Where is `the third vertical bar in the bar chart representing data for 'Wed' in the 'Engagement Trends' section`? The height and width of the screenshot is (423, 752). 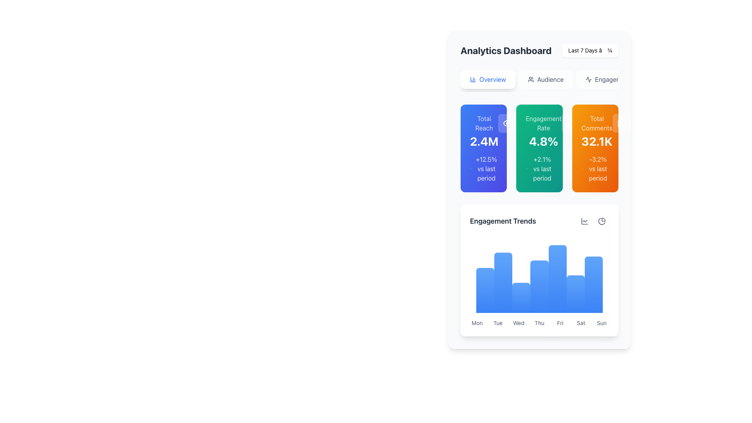
the third vertical bar in the bar chart representing data for 'Wed' in the 'Engagement Trends' section is located at coordinates (521, 298).